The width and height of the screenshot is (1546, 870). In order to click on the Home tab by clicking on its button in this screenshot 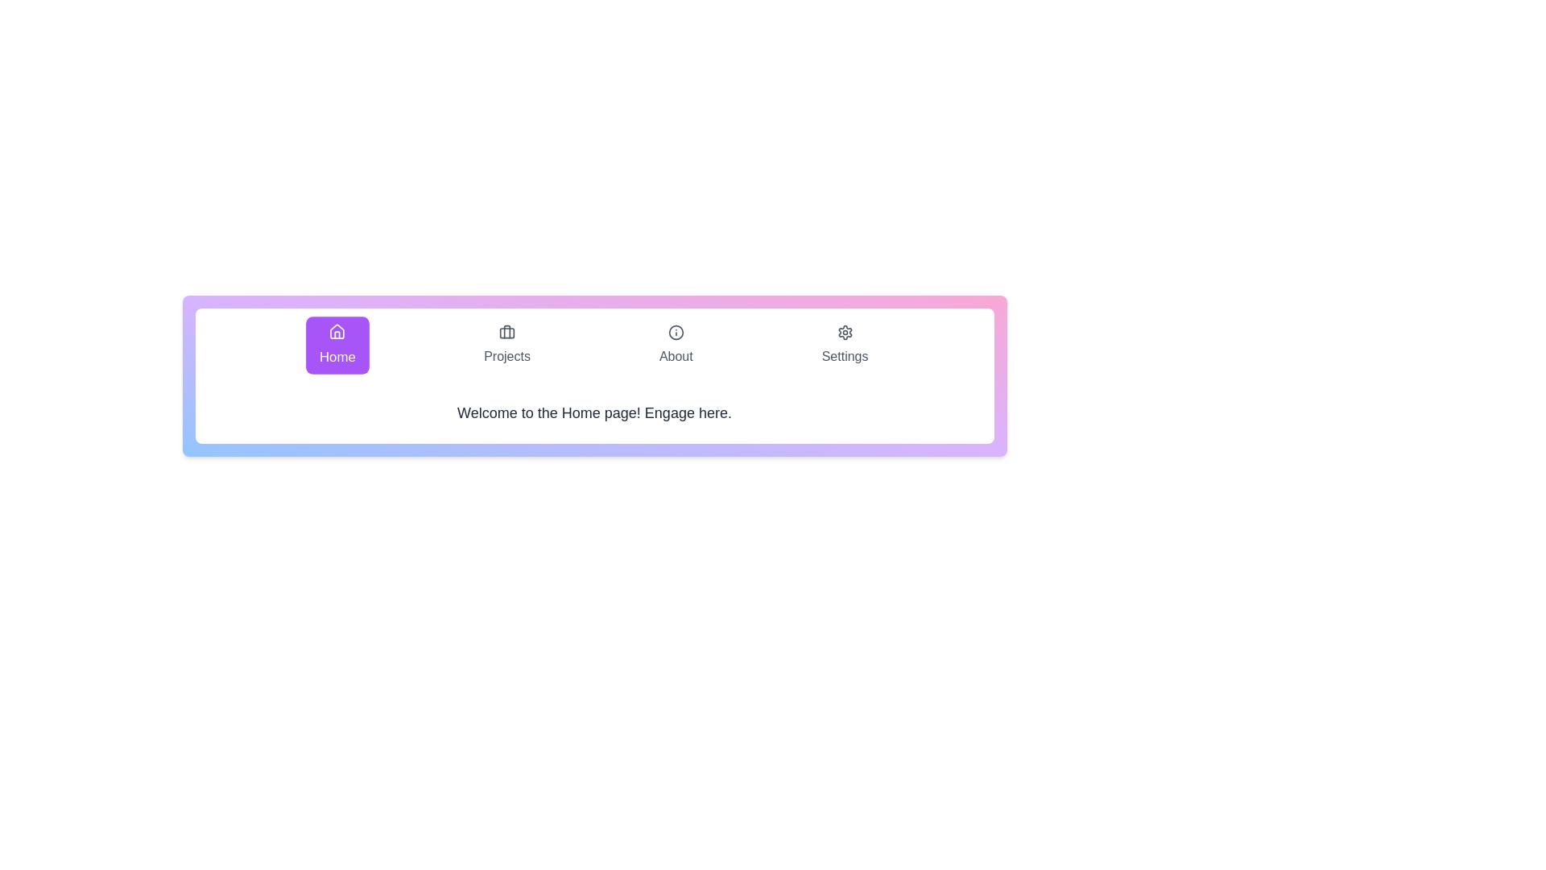, I will do `click(337, 344)`.